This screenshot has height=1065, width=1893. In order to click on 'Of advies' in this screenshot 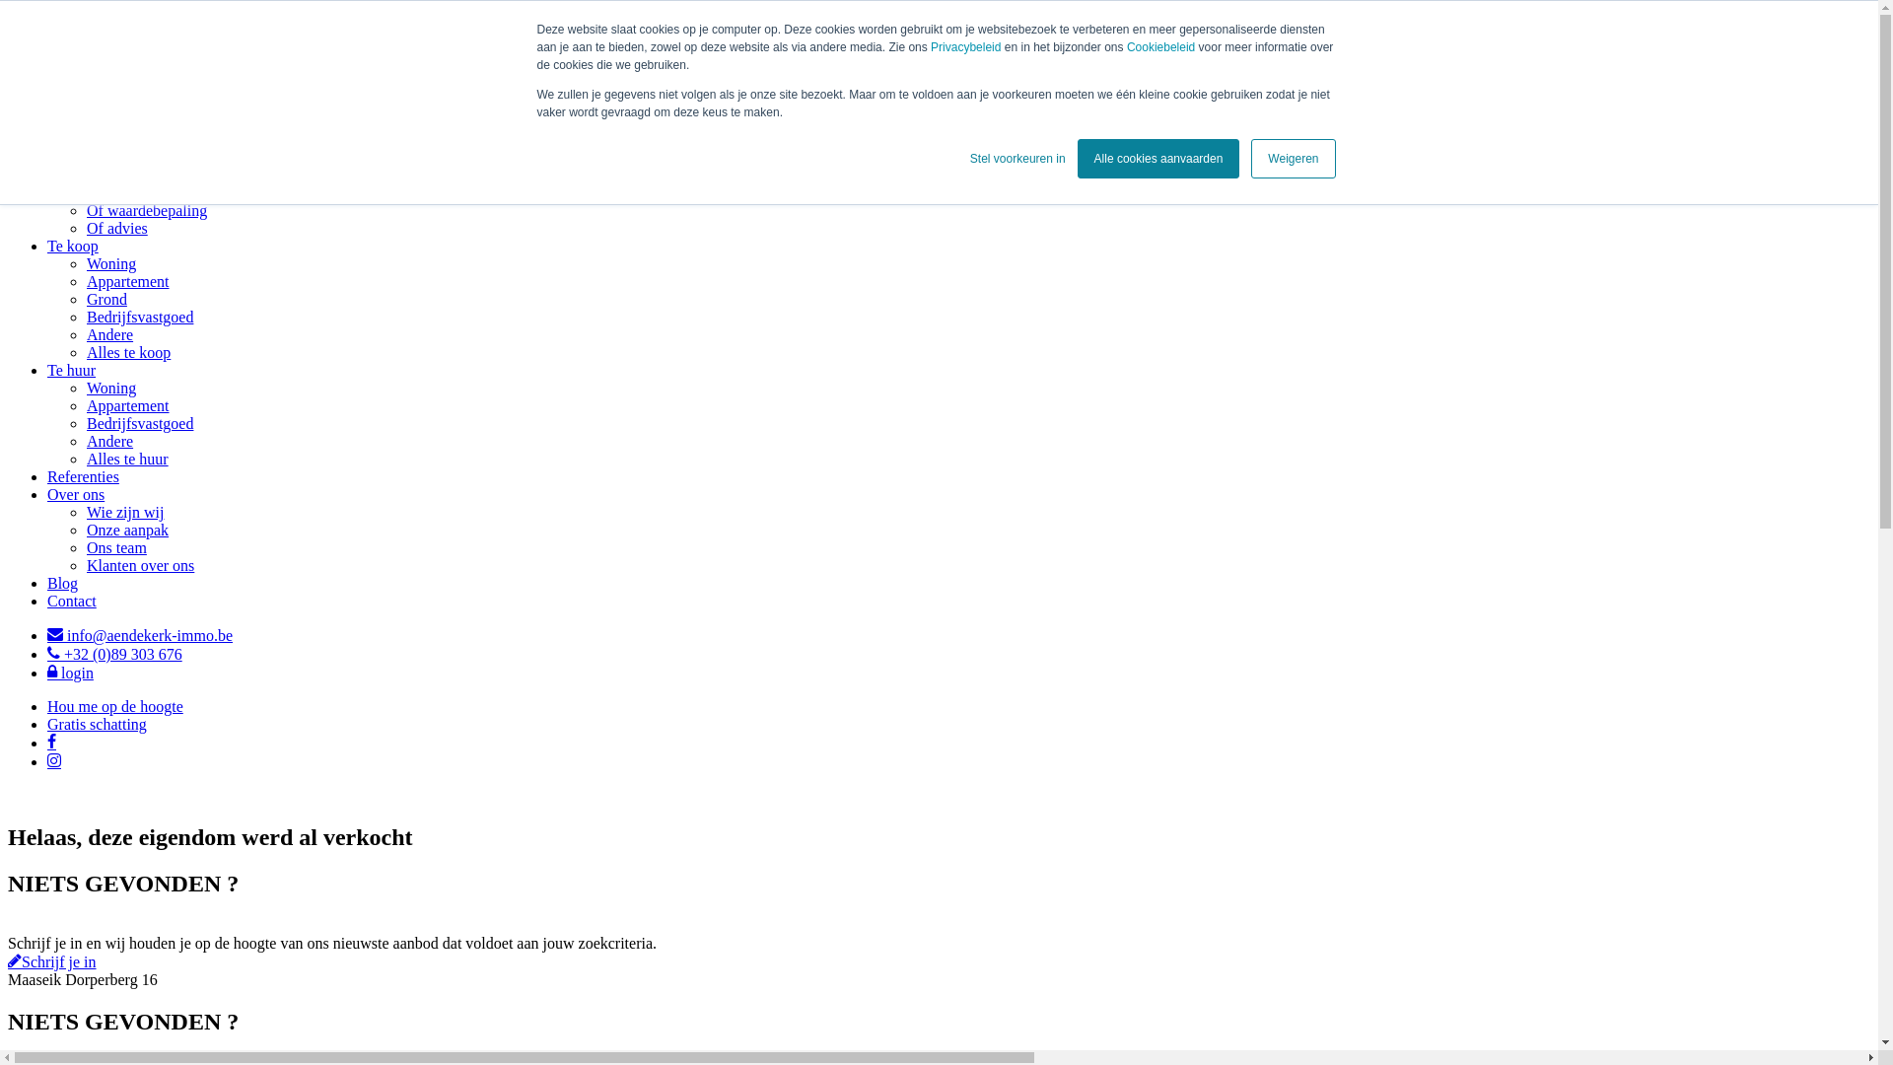, I will do `click(85, 227)`.